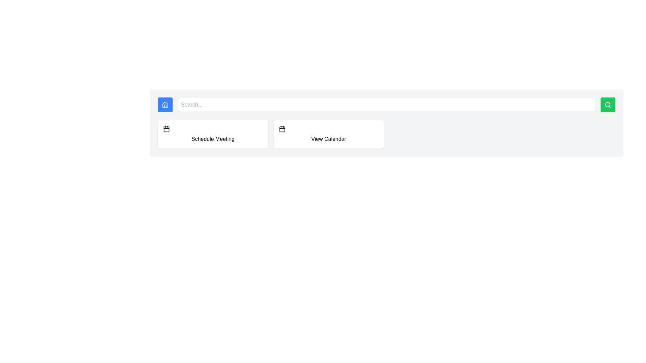  I want to click on the decorative circular portion of the magnifying glass in the search icon located in the top-right corner of the header, so click(608, 105).